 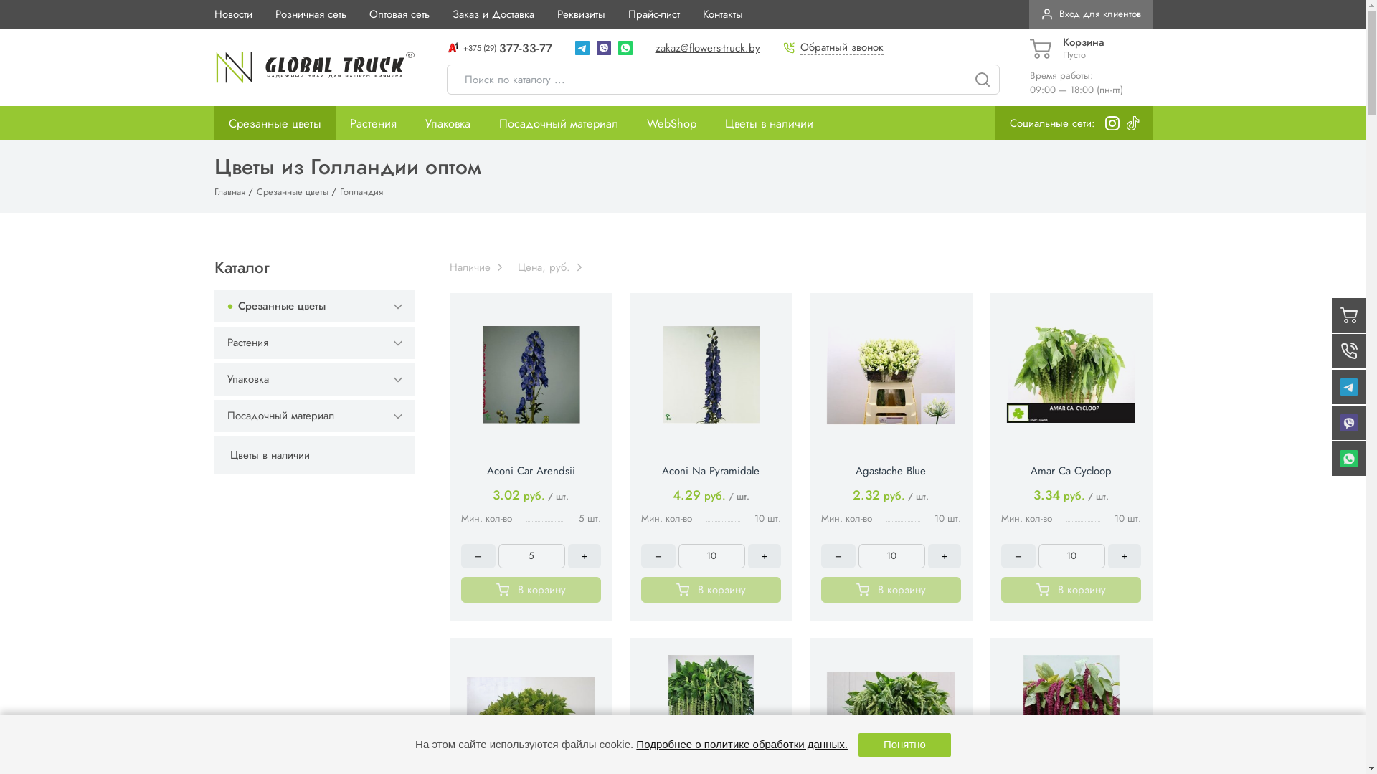 I want to click on 'Telegram', so click(x=582, y=47).